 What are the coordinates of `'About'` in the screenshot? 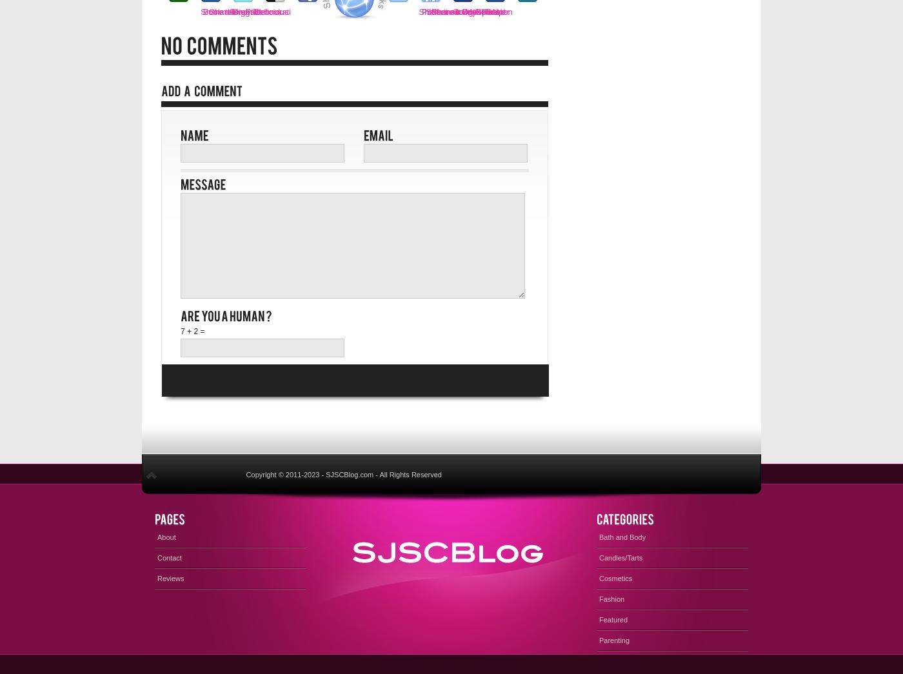 It's located at (157, 536).